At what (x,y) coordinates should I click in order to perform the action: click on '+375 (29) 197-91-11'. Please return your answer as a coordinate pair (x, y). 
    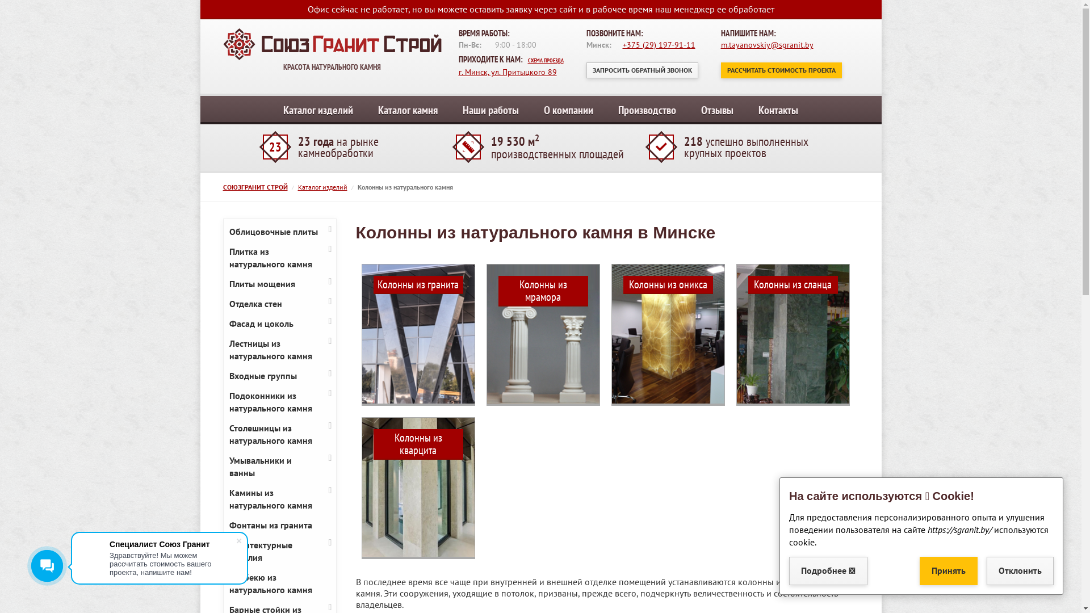
    Looking at the image, I should click on (659, 44).